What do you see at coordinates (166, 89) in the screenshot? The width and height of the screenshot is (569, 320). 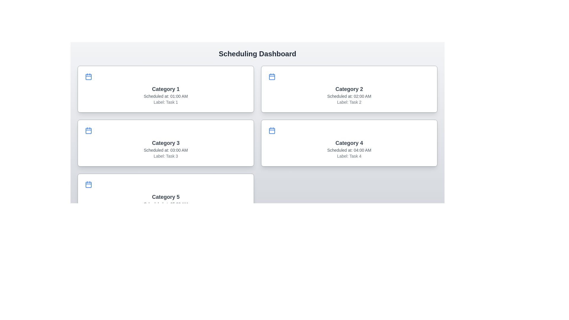 I see `the bold, dark-gray title 'Category 1' located at the top-center of the first card in the left column of the grid layout by moving the cursor to its center point` at bounding box center [166, 89].